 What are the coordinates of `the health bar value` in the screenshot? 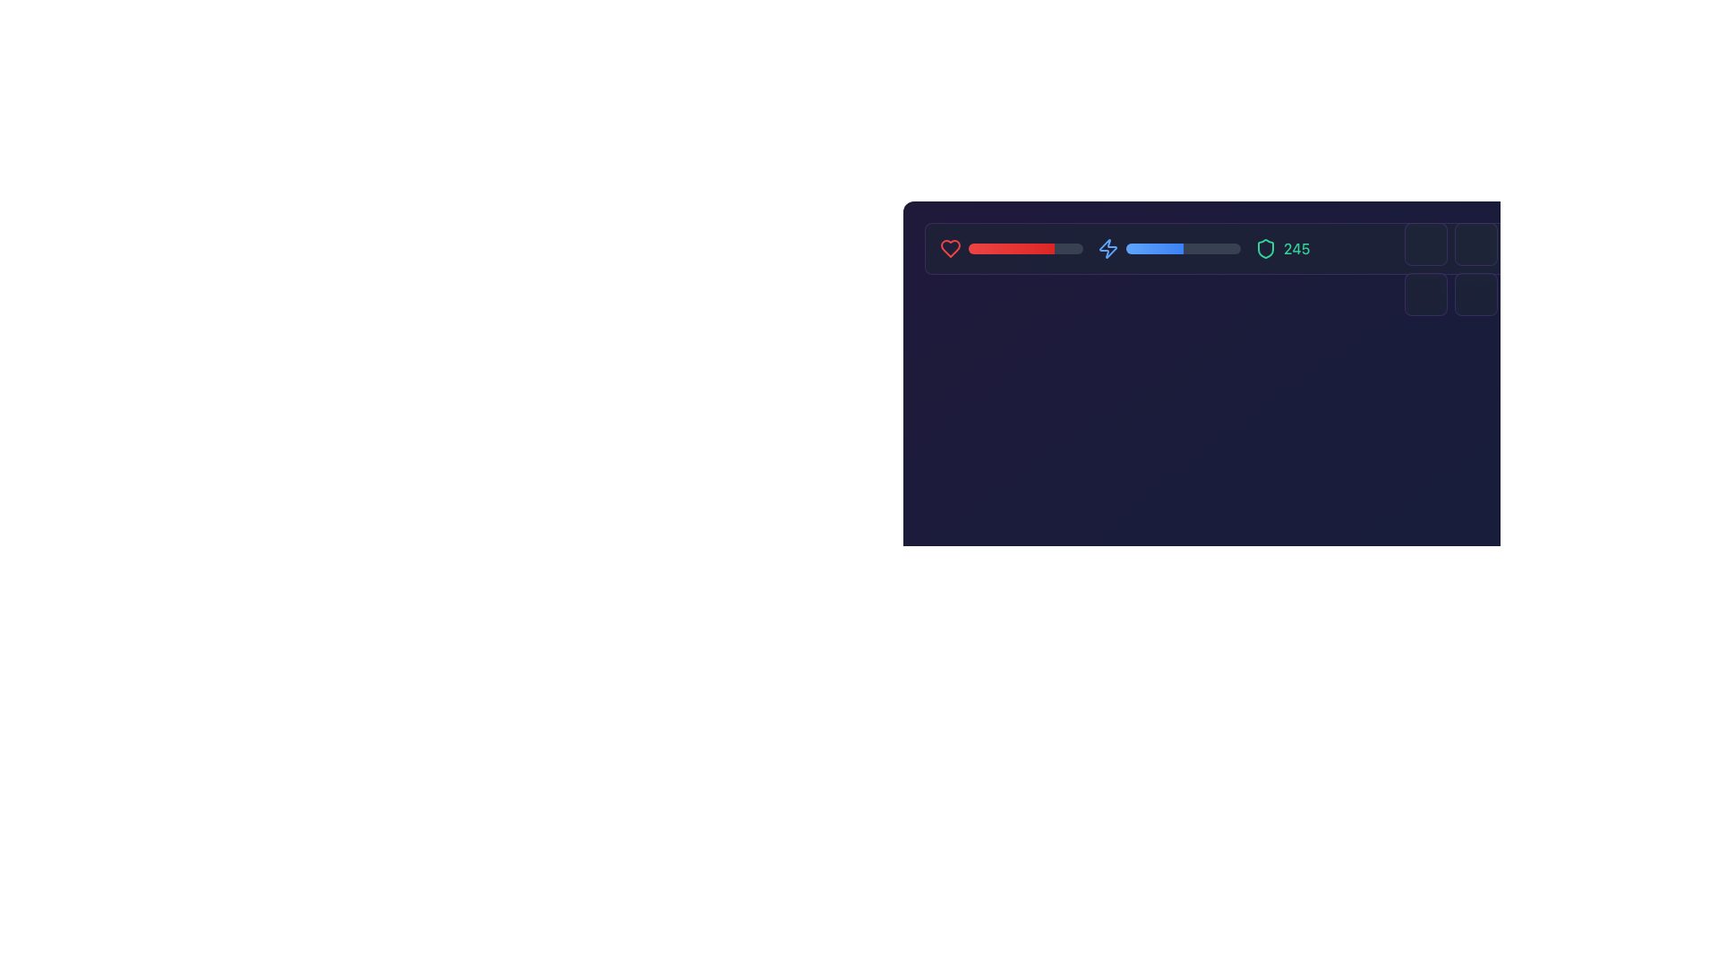 It's located at (987, 248).